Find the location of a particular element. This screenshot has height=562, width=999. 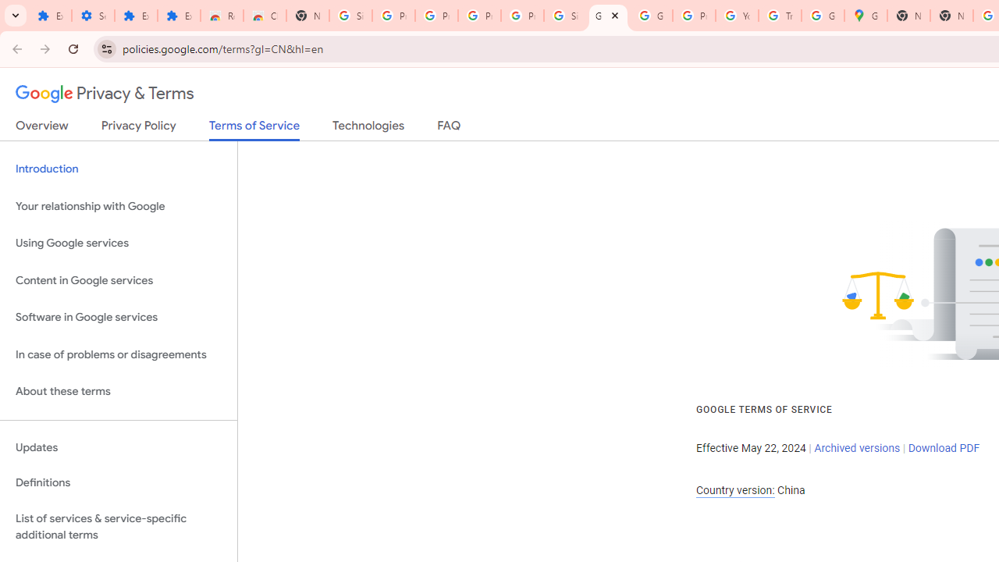

'Using Google services' is located at coordinates (118, 244).